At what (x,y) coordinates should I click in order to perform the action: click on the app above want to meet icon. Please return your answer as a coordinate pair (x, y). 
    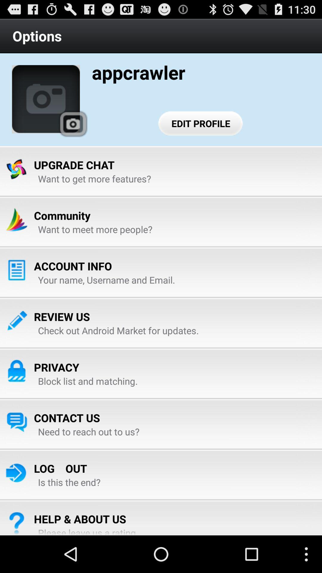
    Looking at the image, I should click on (62, 215).